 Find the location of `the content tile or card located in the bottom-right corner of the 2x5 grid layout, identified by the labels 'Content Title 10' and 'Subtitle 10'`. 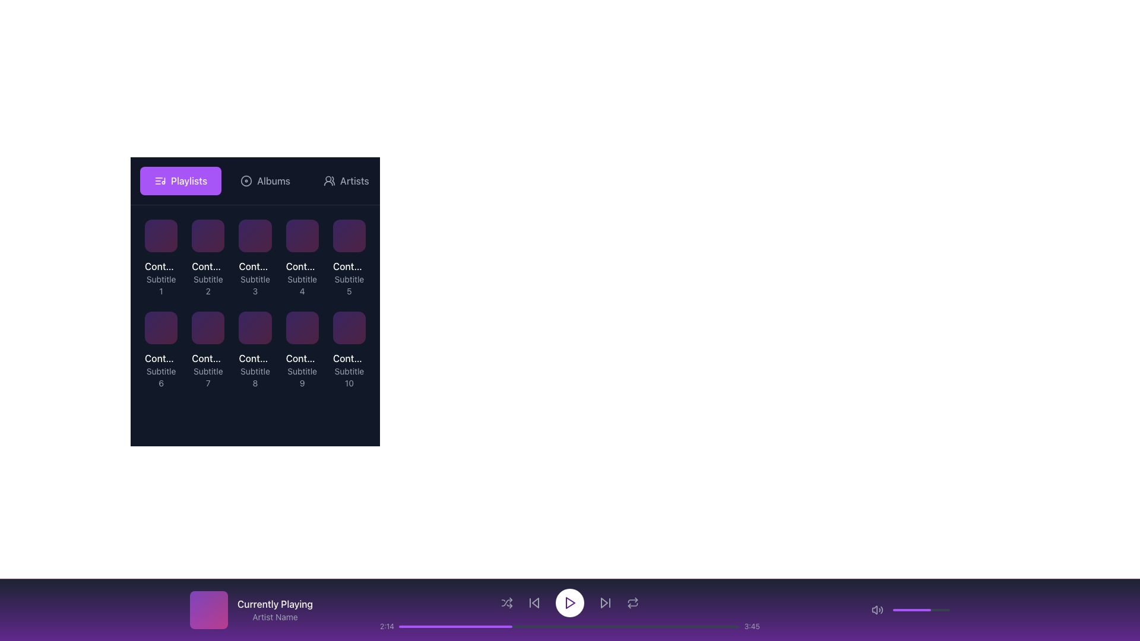

the content tile or card located in the bottom-right corner of the 2x5 grid layout, identified by the labels 'Content Title 10' and 'Subtitle 10' is located at coordinates (349, 328).